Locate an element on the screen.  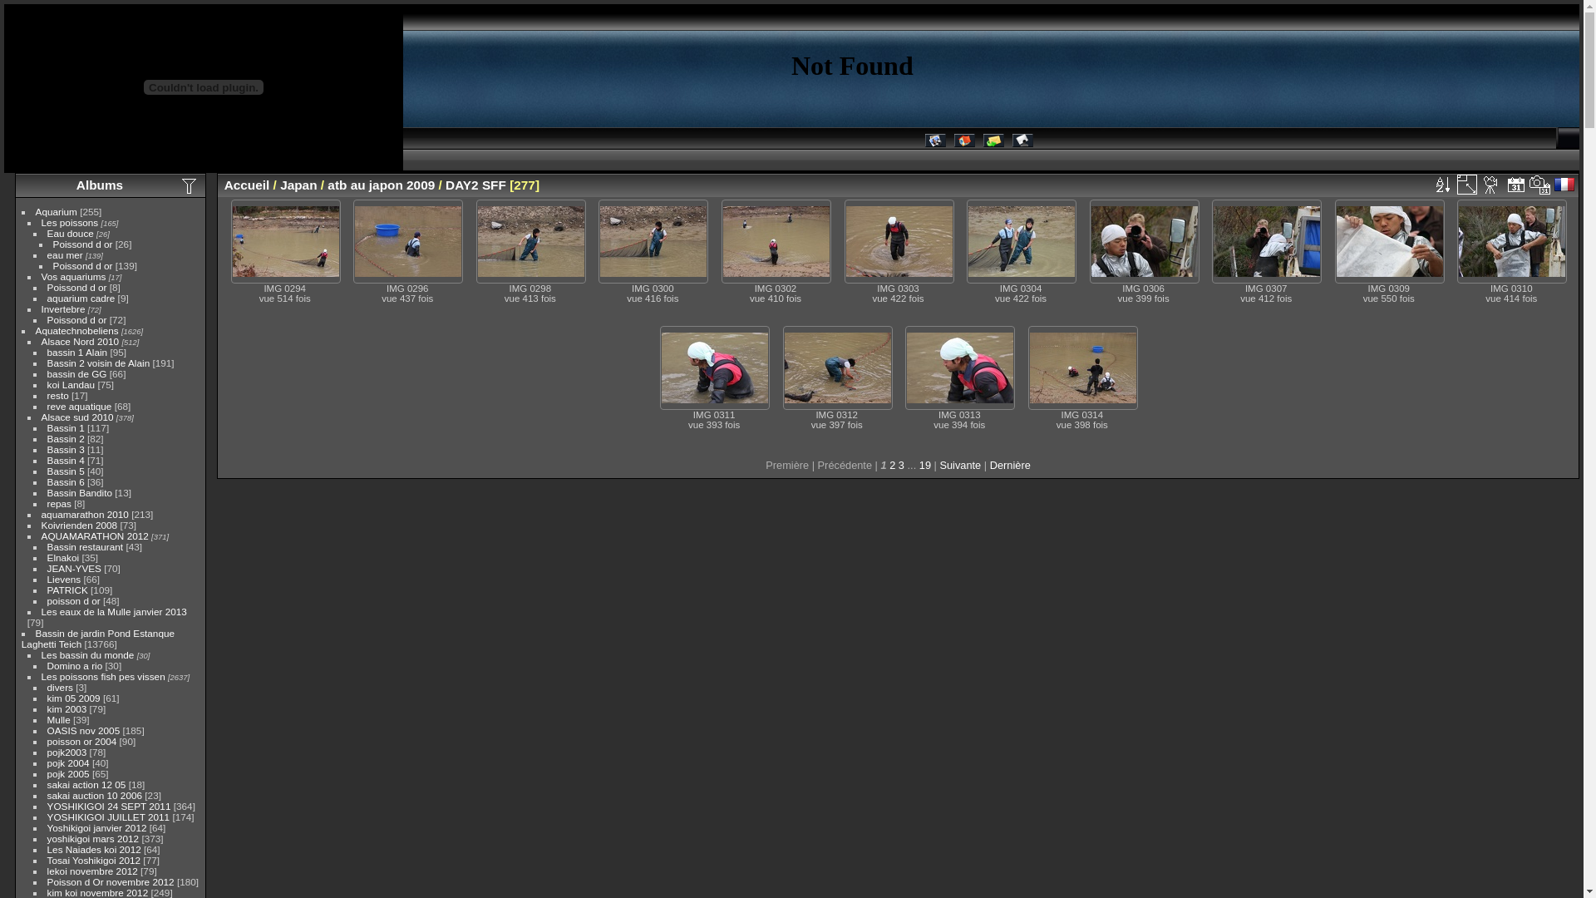
'Bassin 4' is located at coordinates (66, 460).